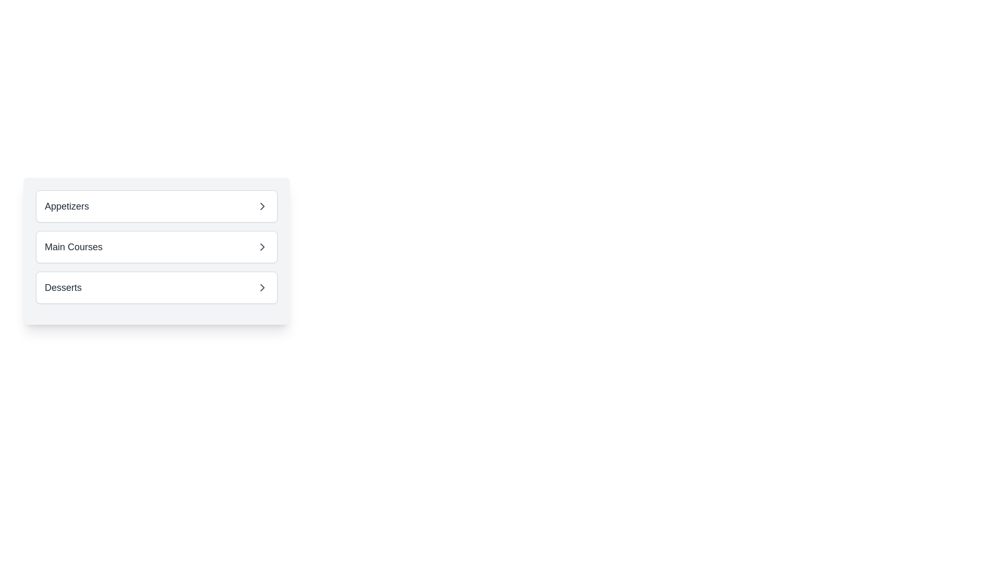  Describe the element at coordinates (262, 287) in the screenshot. I see `the arrow icon positioned to the far right of the 'Desserts' label in the vertically arranged menu` at that location.